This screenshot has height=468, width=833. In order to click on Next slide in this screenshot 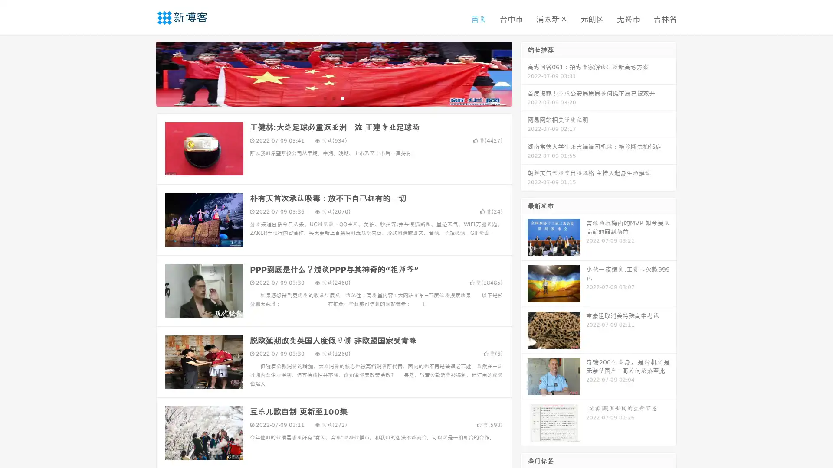, I will do `click(524, 73)`.